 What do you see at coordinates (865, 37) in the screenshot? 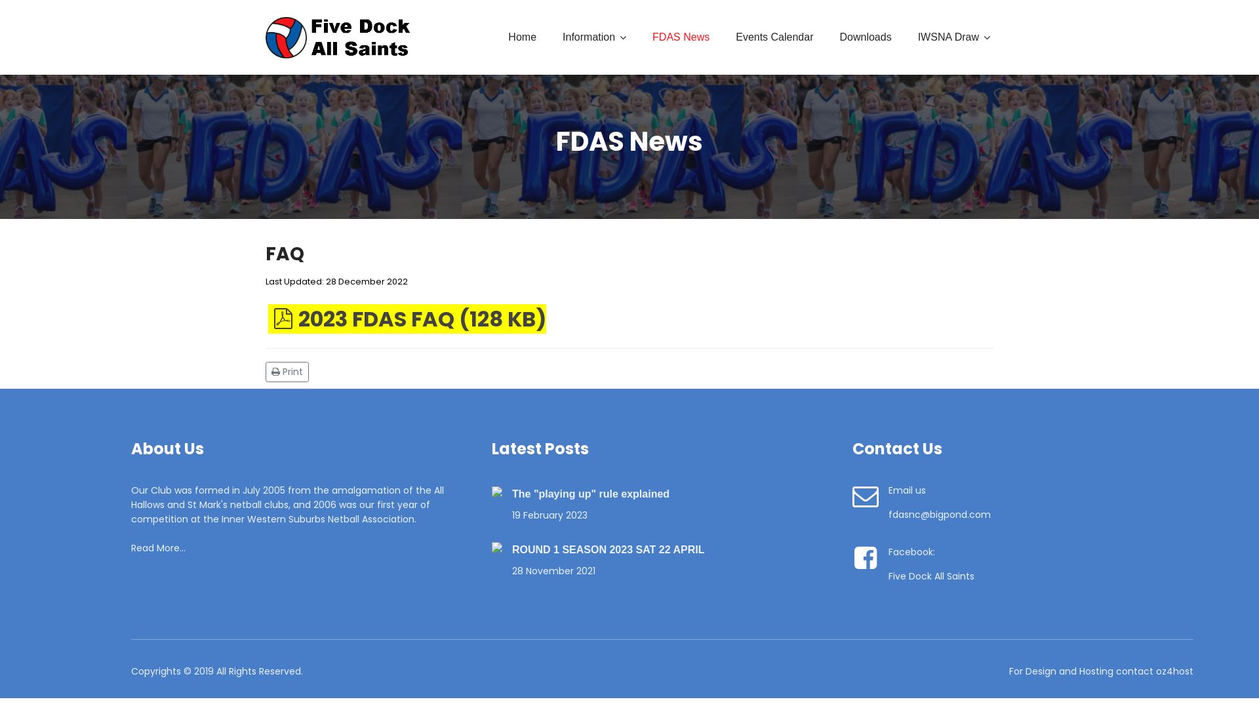
I see `'Downloads'` at bounding box center [865, 37].